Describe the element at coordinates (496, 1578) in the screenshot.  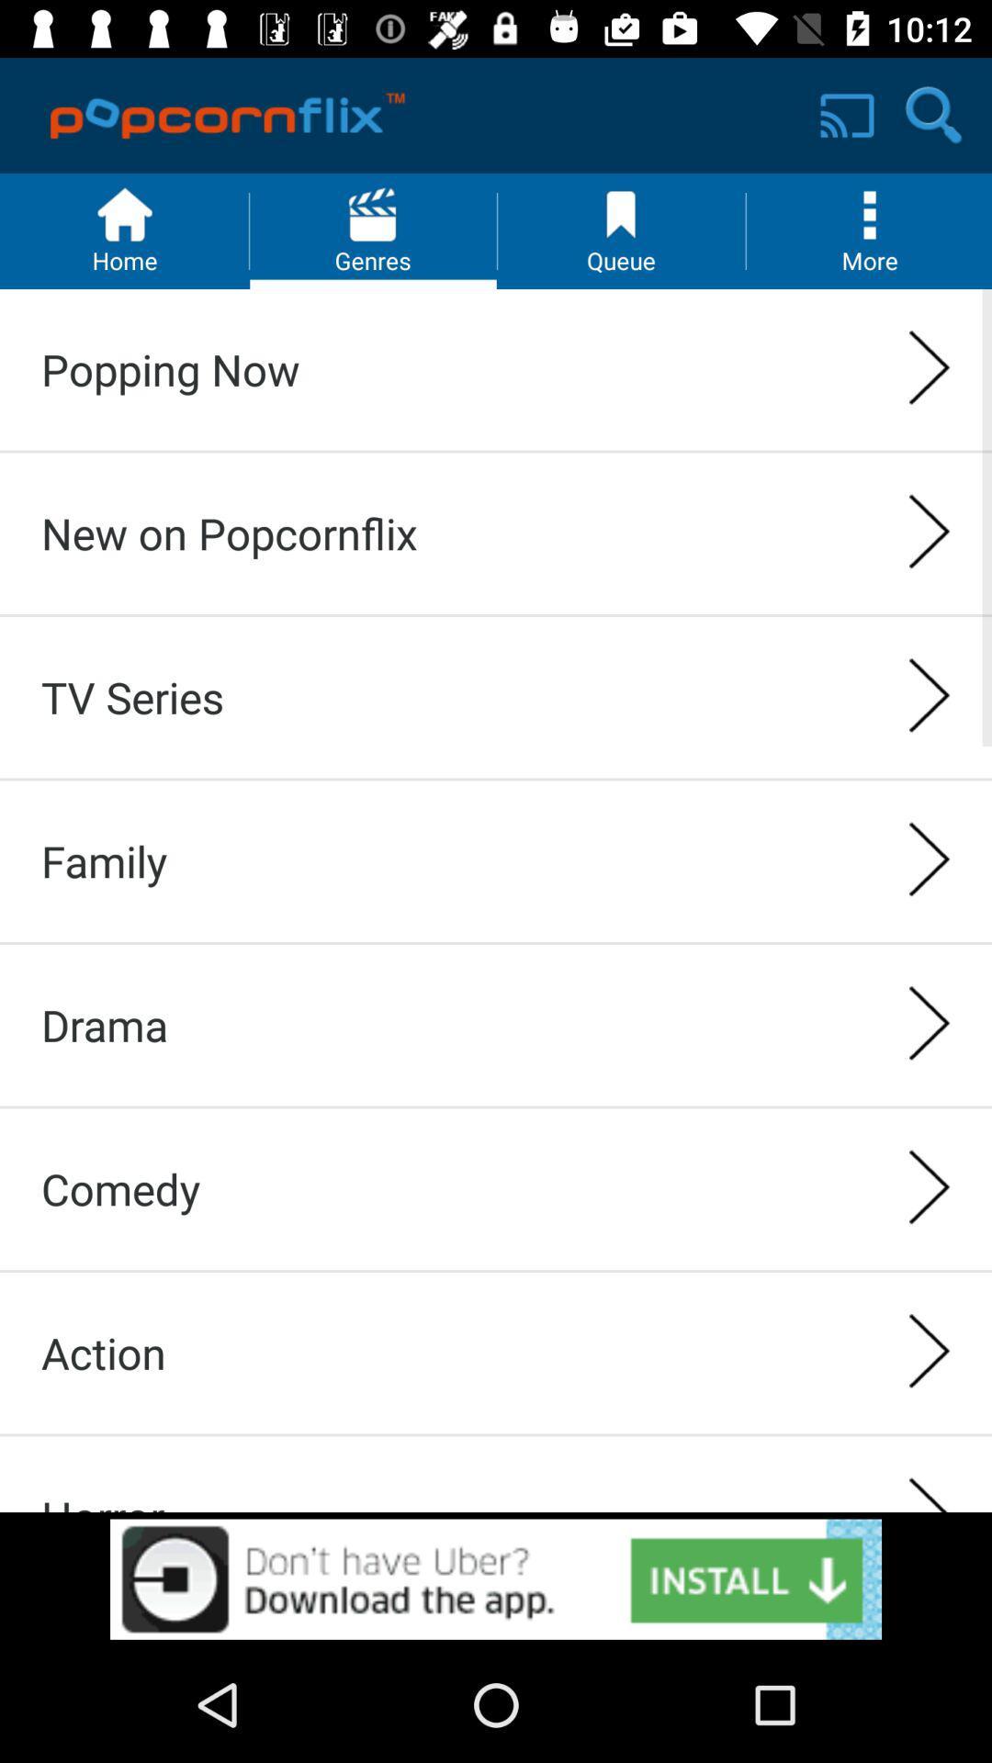
I see `new advertisement open box` at that location.